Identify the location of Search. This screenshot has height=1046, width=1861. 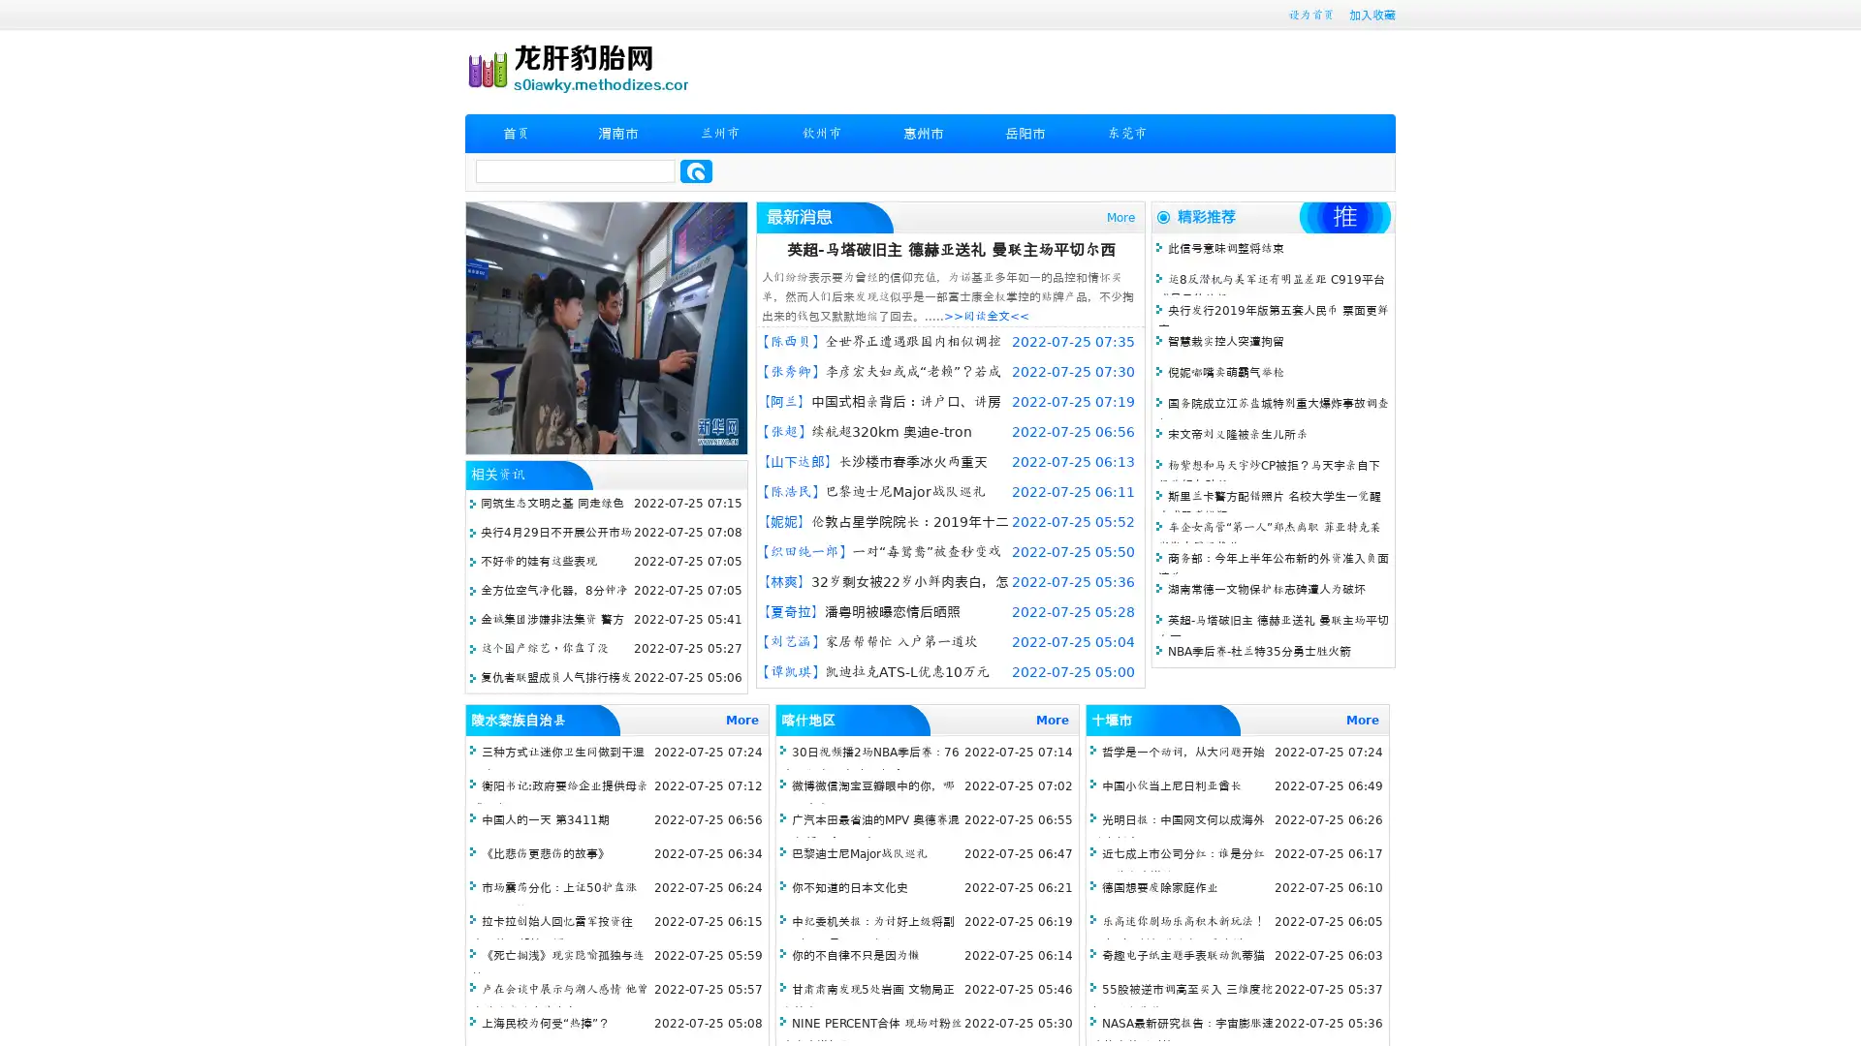
(696, 170).